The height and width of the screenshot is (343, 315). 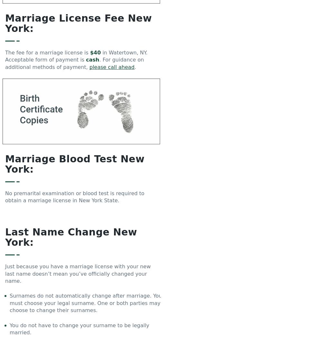 I want to click on '$40', so click(x=90, y=52).